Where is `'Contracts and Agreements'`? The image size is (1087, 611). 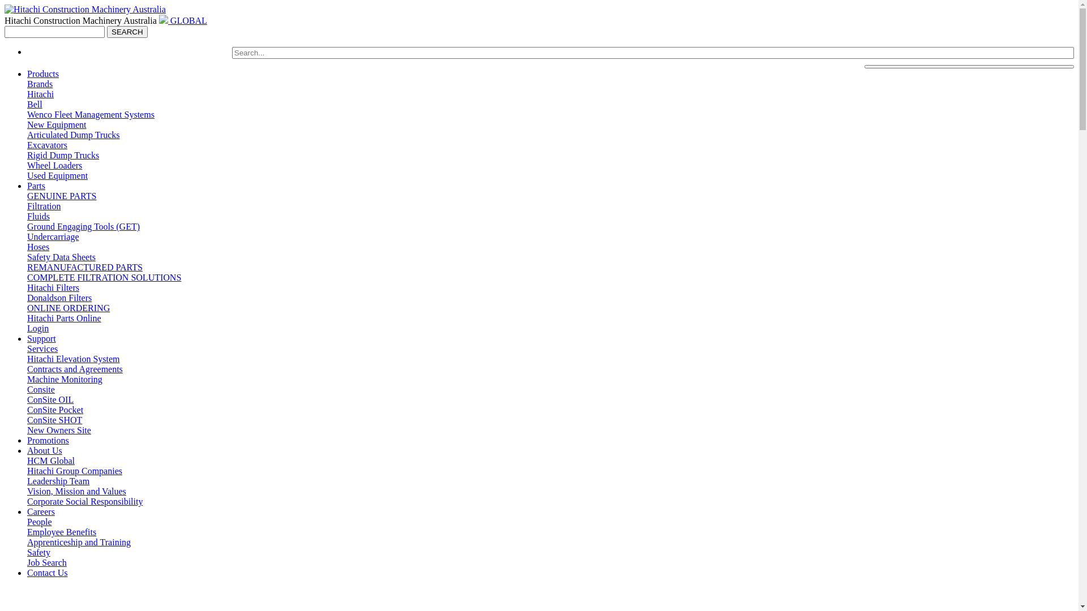
'Contracts and Agreements' is located at coordinates (74, 369).